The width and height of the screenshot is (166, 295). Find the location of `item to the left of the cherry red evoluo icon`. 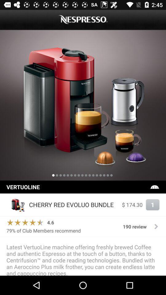

item to the left of the cherry red evoluo icon is located at coordinates (16, 205).